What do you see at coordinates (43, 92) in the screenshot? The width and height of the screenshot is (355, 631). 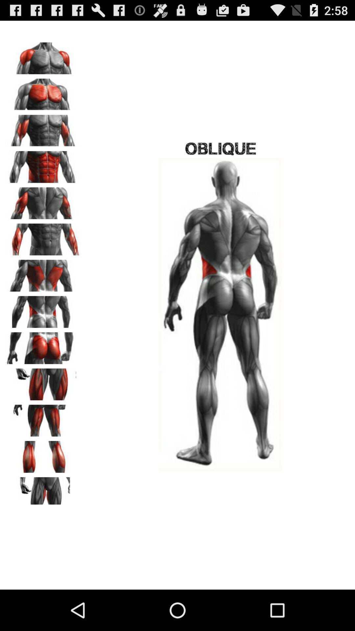 I see `image 2` at bounding box center [43, 92].